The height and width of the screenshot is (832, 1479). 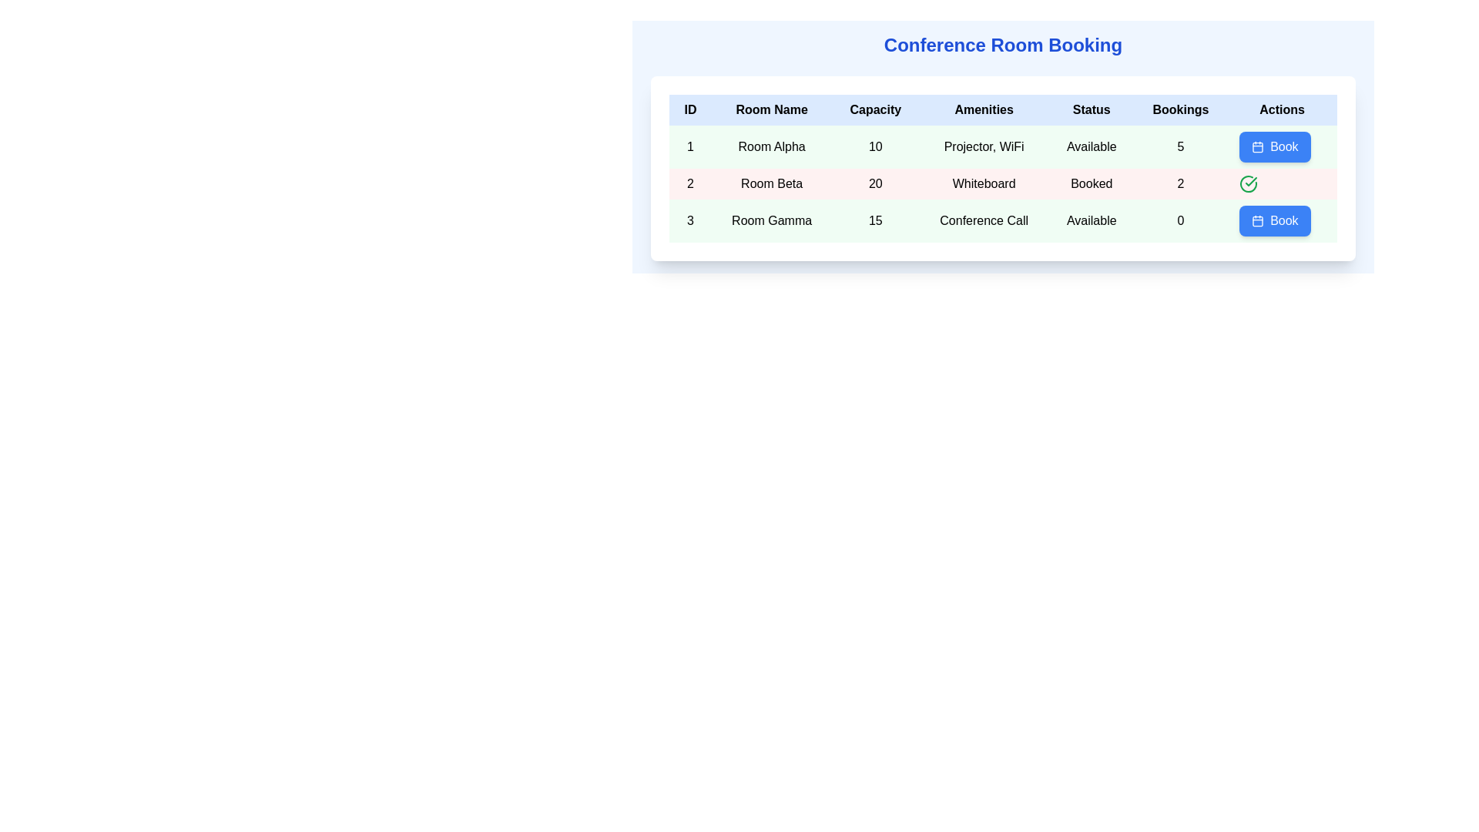 I want to click on the blue rounded rectangle SVG component that is part of the calendar icon in the 'Actions' column for 'Room Alpha', so click(x=1258, y=147).